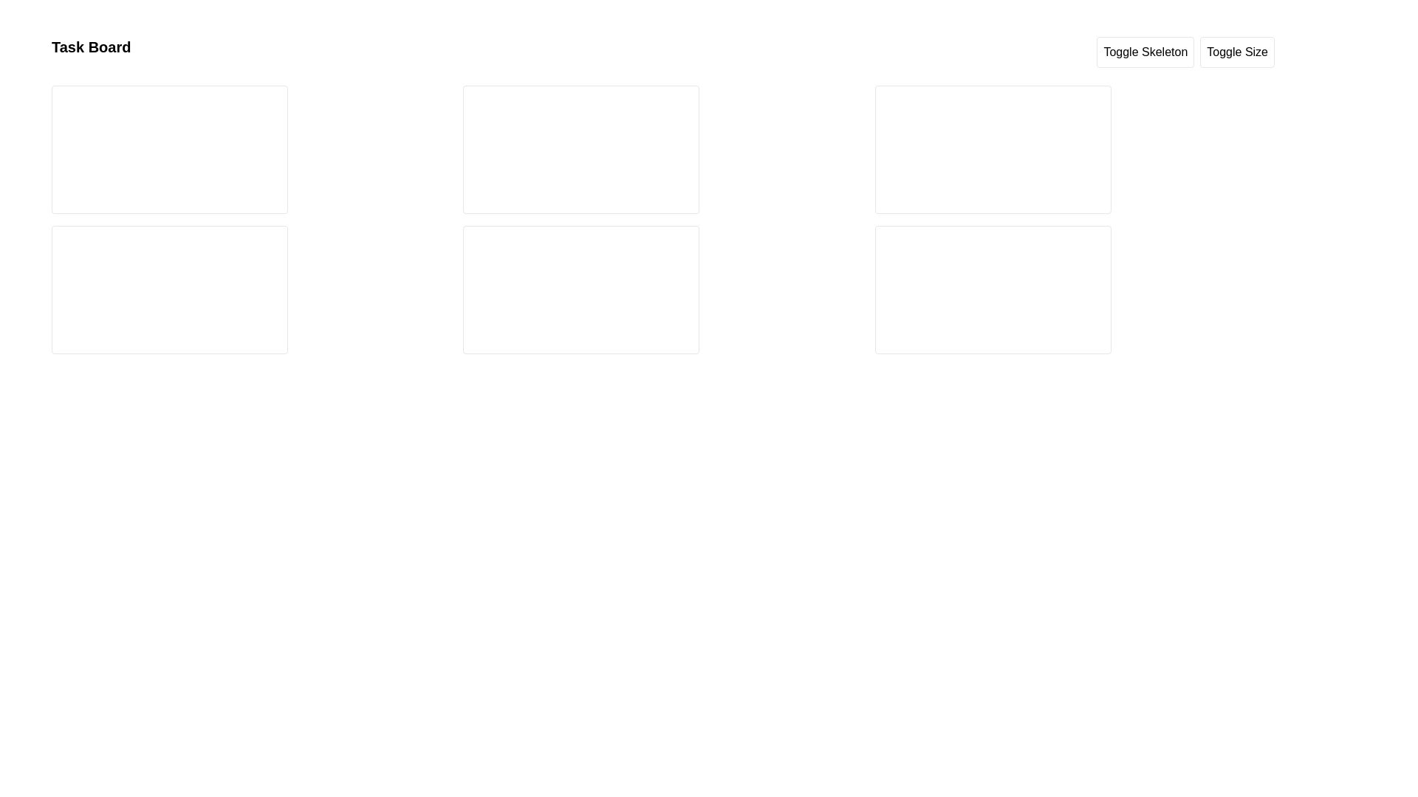 The image size is (1418, 797). Describe the element at coordinates (75, 112) in the screenshot. I see `the Circular skeleton placeholder, which is a circular component with a pulse effect, measuring 40x40 pixels and located in the upper-left region of the interface` at that location.